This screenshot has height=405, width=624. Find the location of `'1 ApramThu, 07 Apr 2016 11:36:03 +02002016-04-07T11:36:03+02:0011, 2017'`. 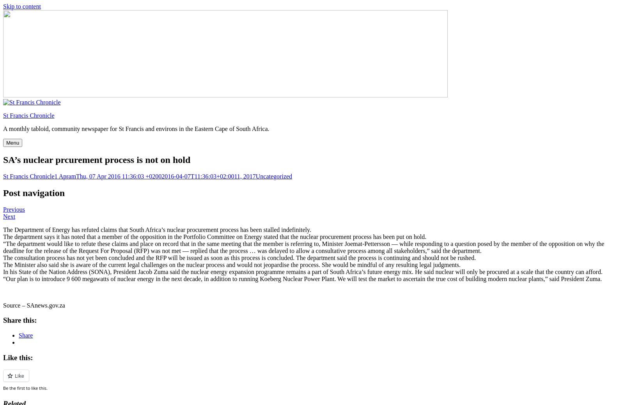

'1 ApramThu, 07 Apr 2016 11:36:03 +02002016-04-07T11:36:03+02:0011, 2017' is located at coordinates (154, 175).